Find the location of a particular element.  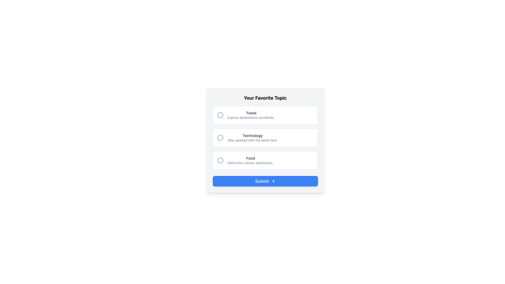

the text snippet 'Stay updated with the latest tech.' which is styled in a small, light gray font located below the 'Technology' title is located at coordinates (252, 140).